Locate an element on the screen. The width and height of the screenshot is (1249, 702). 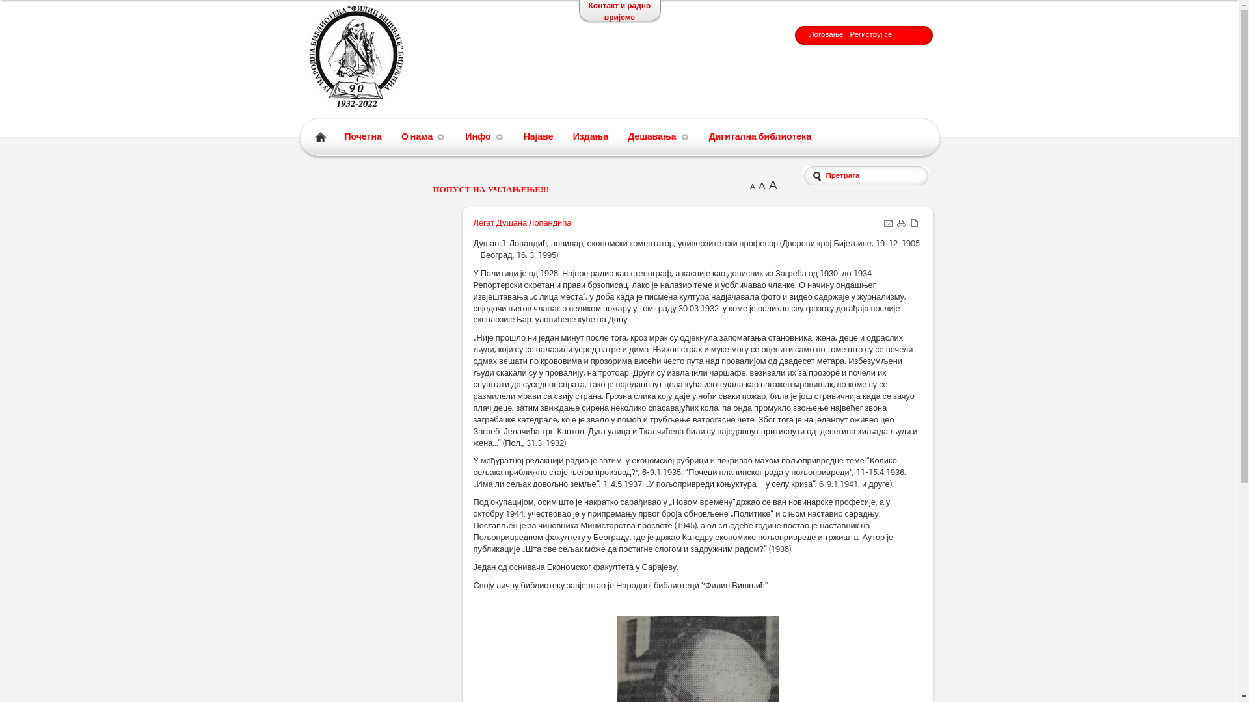
'A' is located at coordinates (762, 185).